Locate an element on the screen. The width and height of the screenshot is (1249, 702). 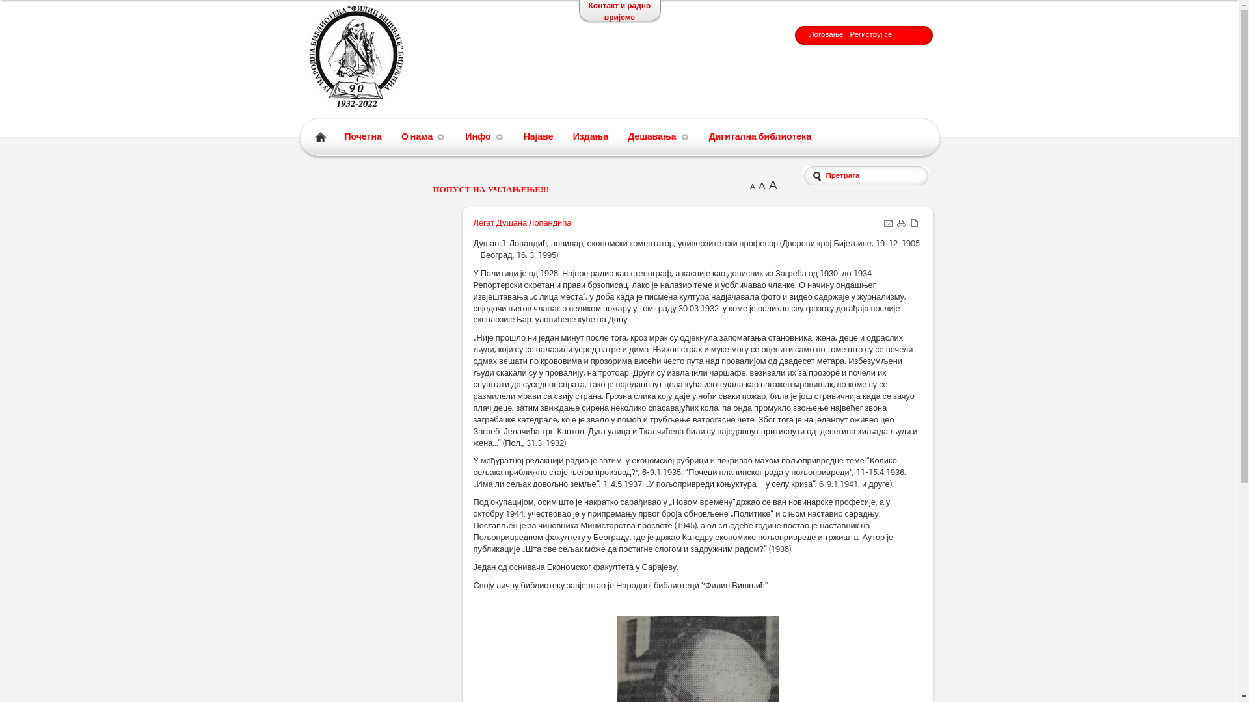
'A' is located at coordinates (762, 185).